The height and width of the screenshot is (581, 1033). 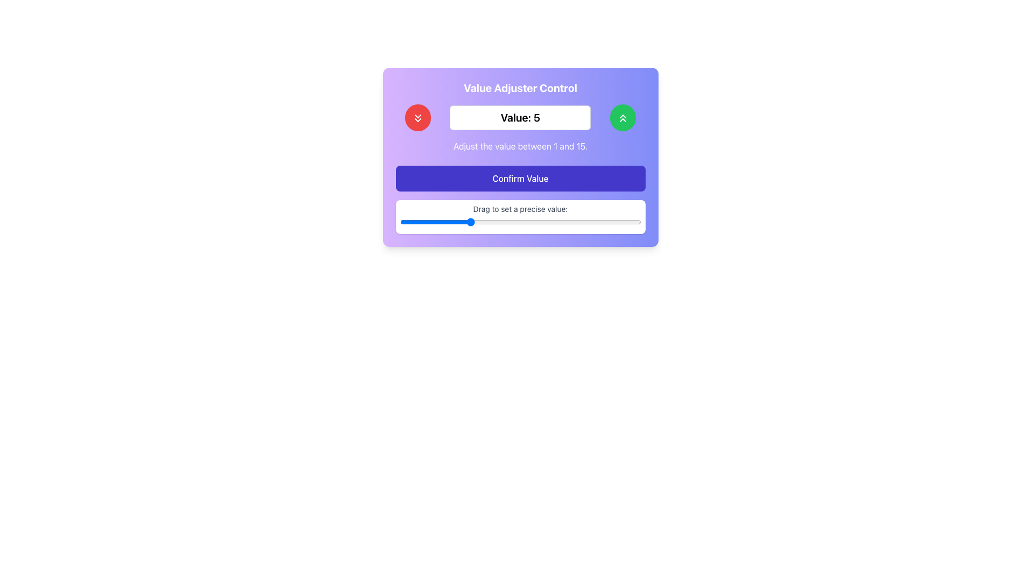 What do you see at coordinates (485, 222) in the screenshot?
I see `the slider value` at bounding box center [485, 222].